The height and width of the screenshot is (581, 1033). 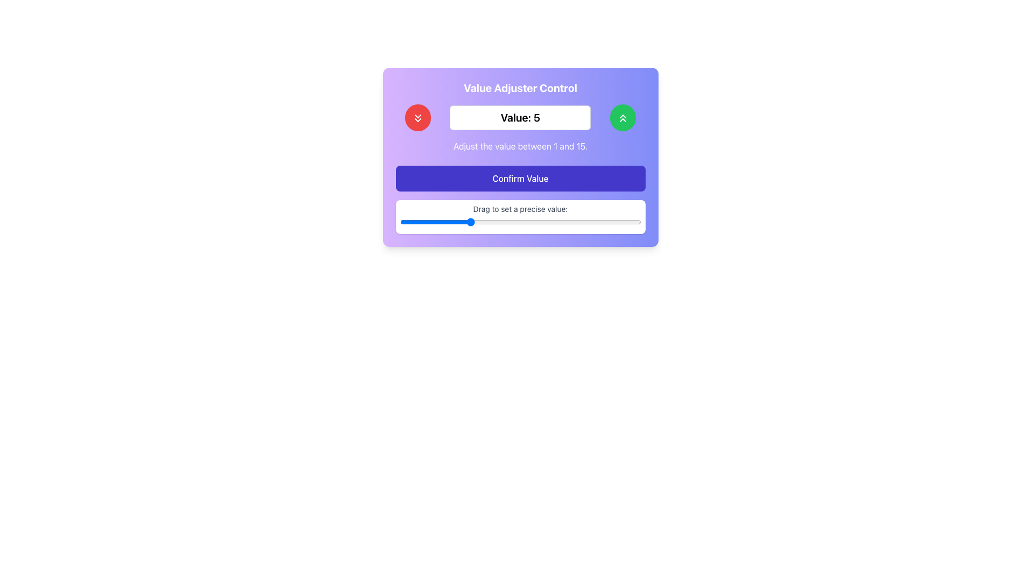 What do you see at coordinates (485, 222) in the screenshot?
I see `the slider value` at bounding box center [485, 222].